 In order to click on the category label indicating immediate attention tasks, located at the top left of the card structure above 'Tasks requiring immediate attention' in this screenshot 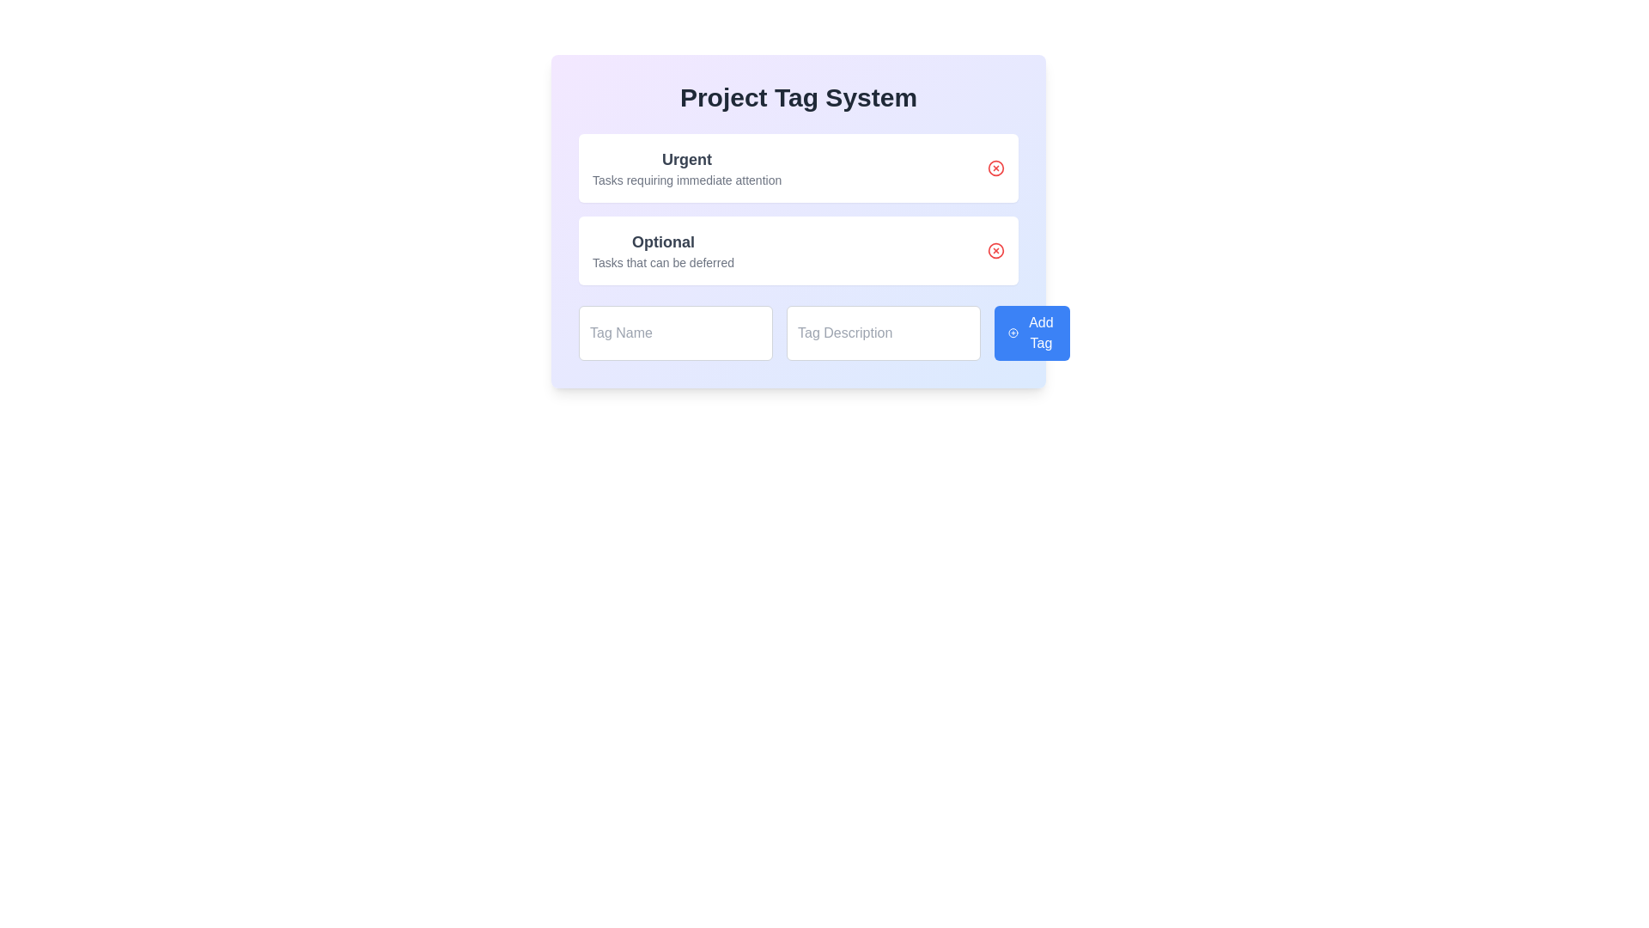, I will do `click(687, 159)`.